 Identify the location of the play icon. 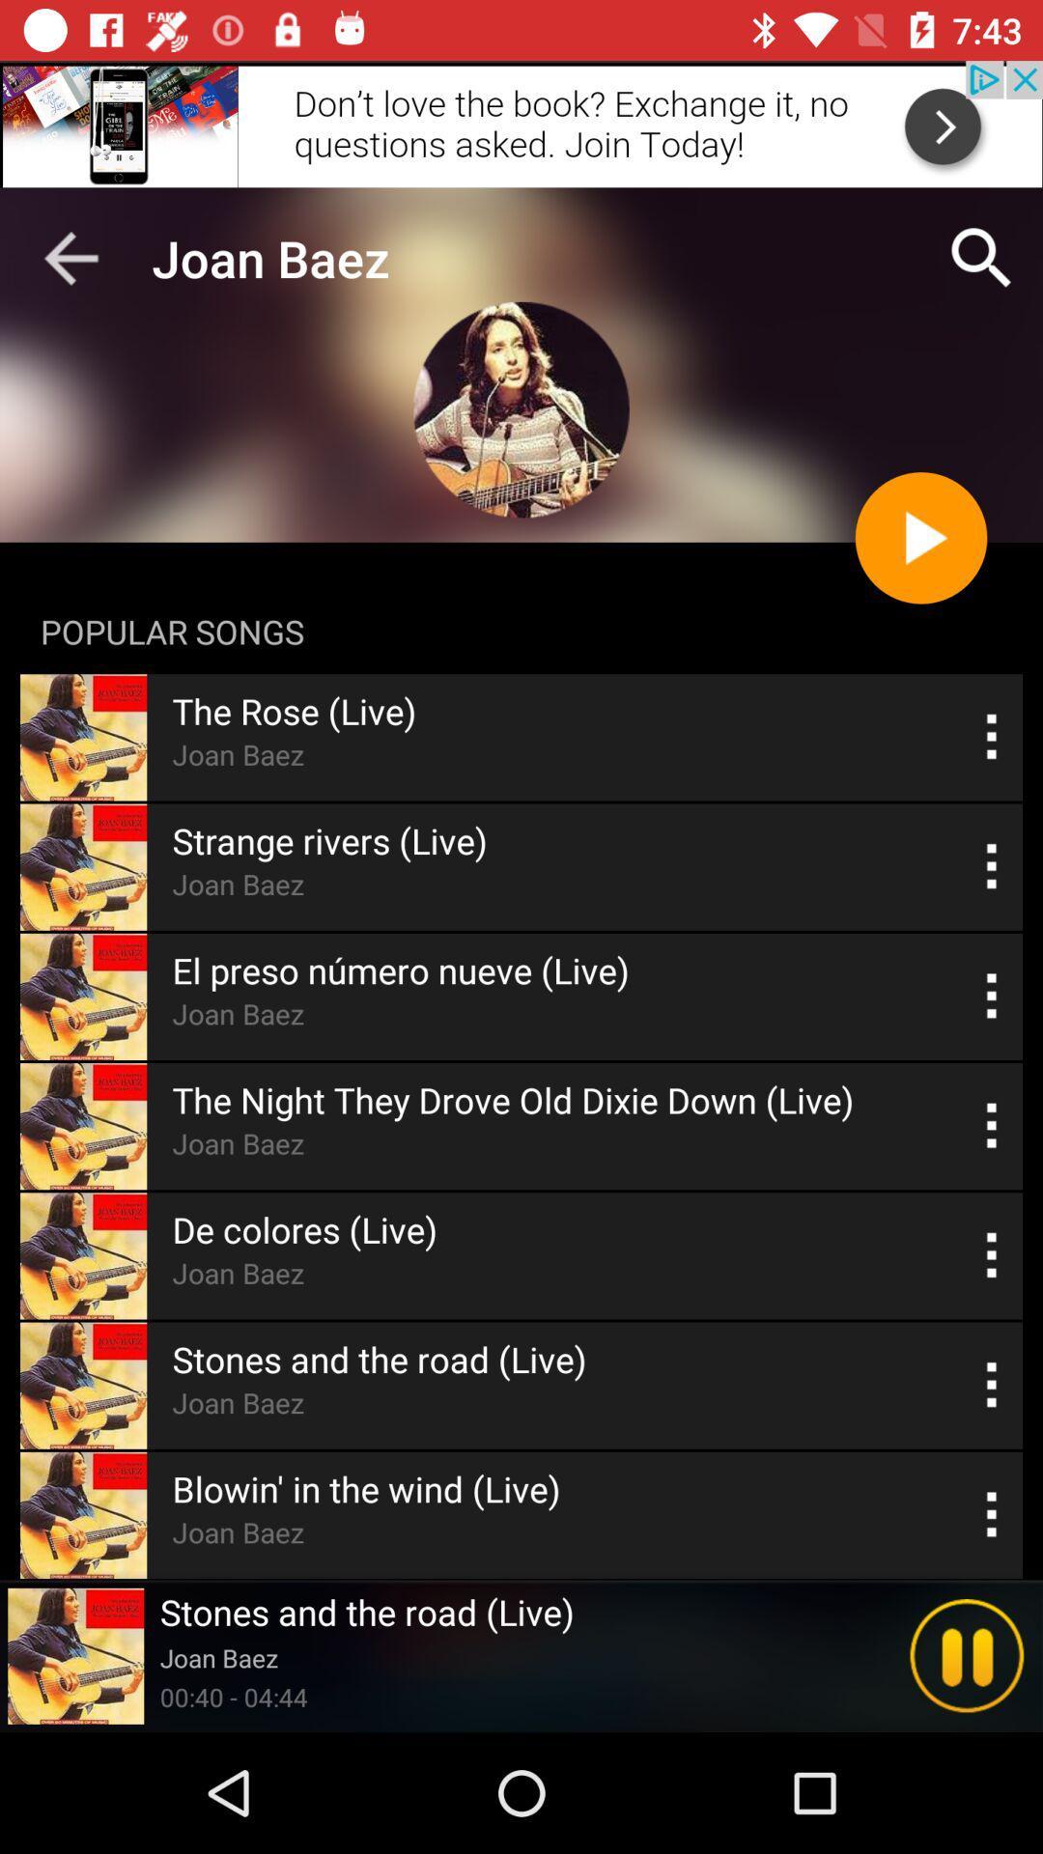
(919, 538).